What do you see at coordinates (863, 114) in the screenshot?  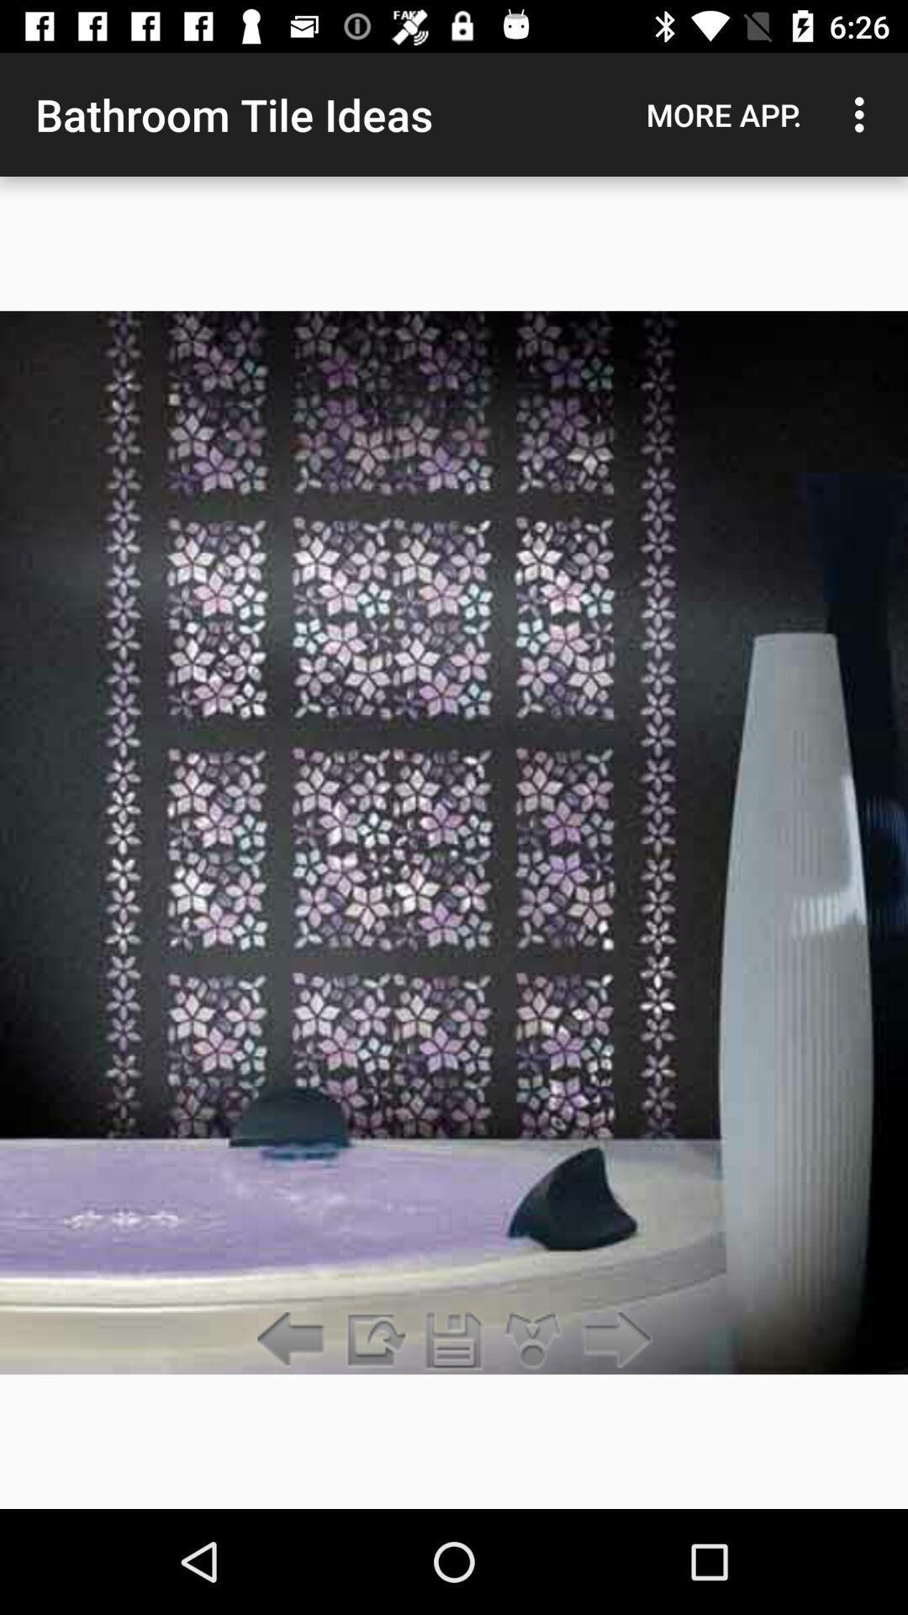 I see `the icon to the right of the more app. item` at bounding box center [863, 114].